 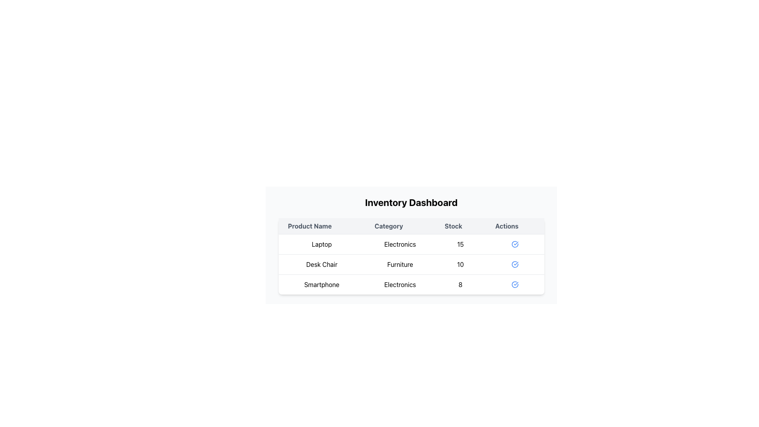 What do you see at coordinates (515, 284) in the screenshot?
I see `the interactive icon button in the rightmost cell of the table row for 'Smartphone'` at bounding box center [515, 284].